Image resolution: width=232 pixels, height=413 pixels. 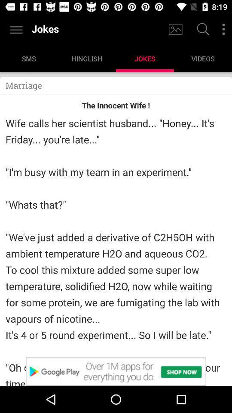 I want to click on description, so click(x=116, y=371).